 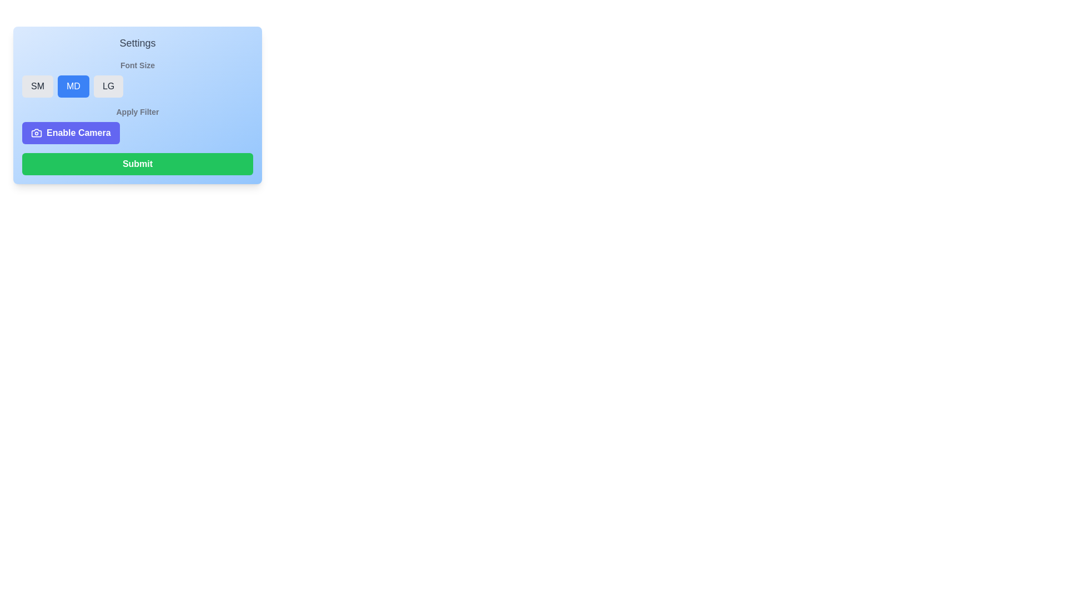 I want to click on the icon within the 'Enable Camera' button which indicates the functionality of enabling a camera feature, located on the left side of the button text, so click(x=37, y=132).